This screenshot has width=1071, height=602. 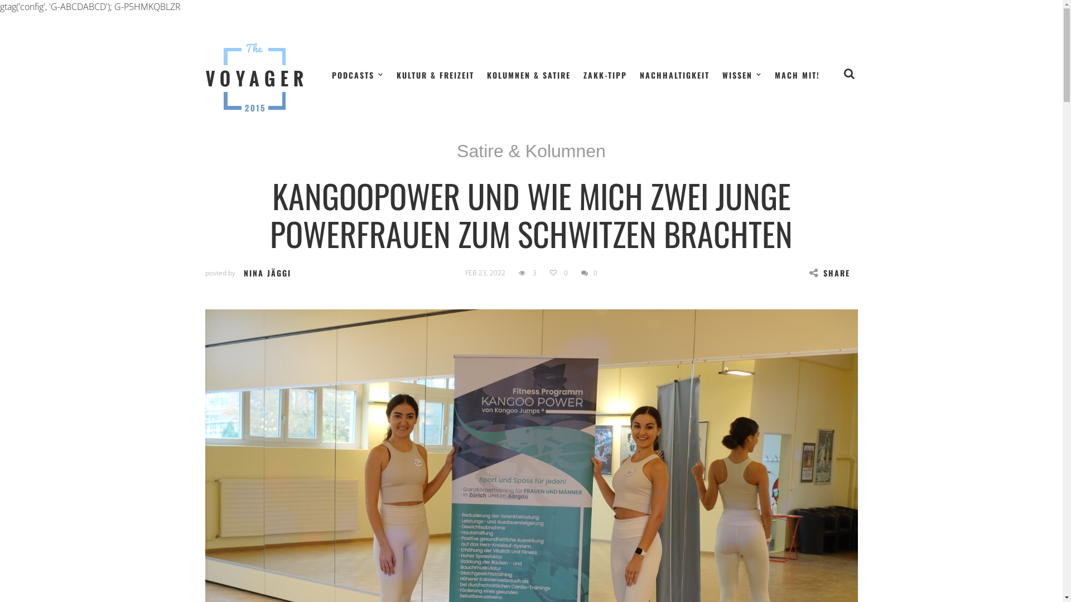 I want to click on 'KULTUR & FREIZEIT', so click(x=434, y=75).